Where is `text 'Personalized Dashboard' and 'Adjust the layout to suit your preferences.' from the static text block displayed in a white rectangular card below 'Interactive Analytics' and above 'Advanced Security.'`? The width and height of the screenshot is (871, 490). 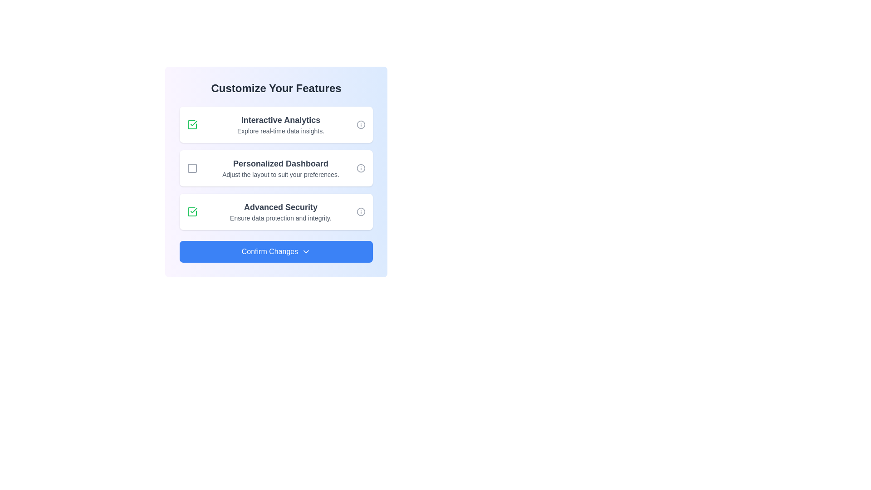 text 'Personalized Dashboard' and 'Adjust the layout to suit your preferences.' from the static text block displayed in a white rectangular card below 'Interactive Analytics' and above 'Advanced Security.' is located at coordinates (280, 168).